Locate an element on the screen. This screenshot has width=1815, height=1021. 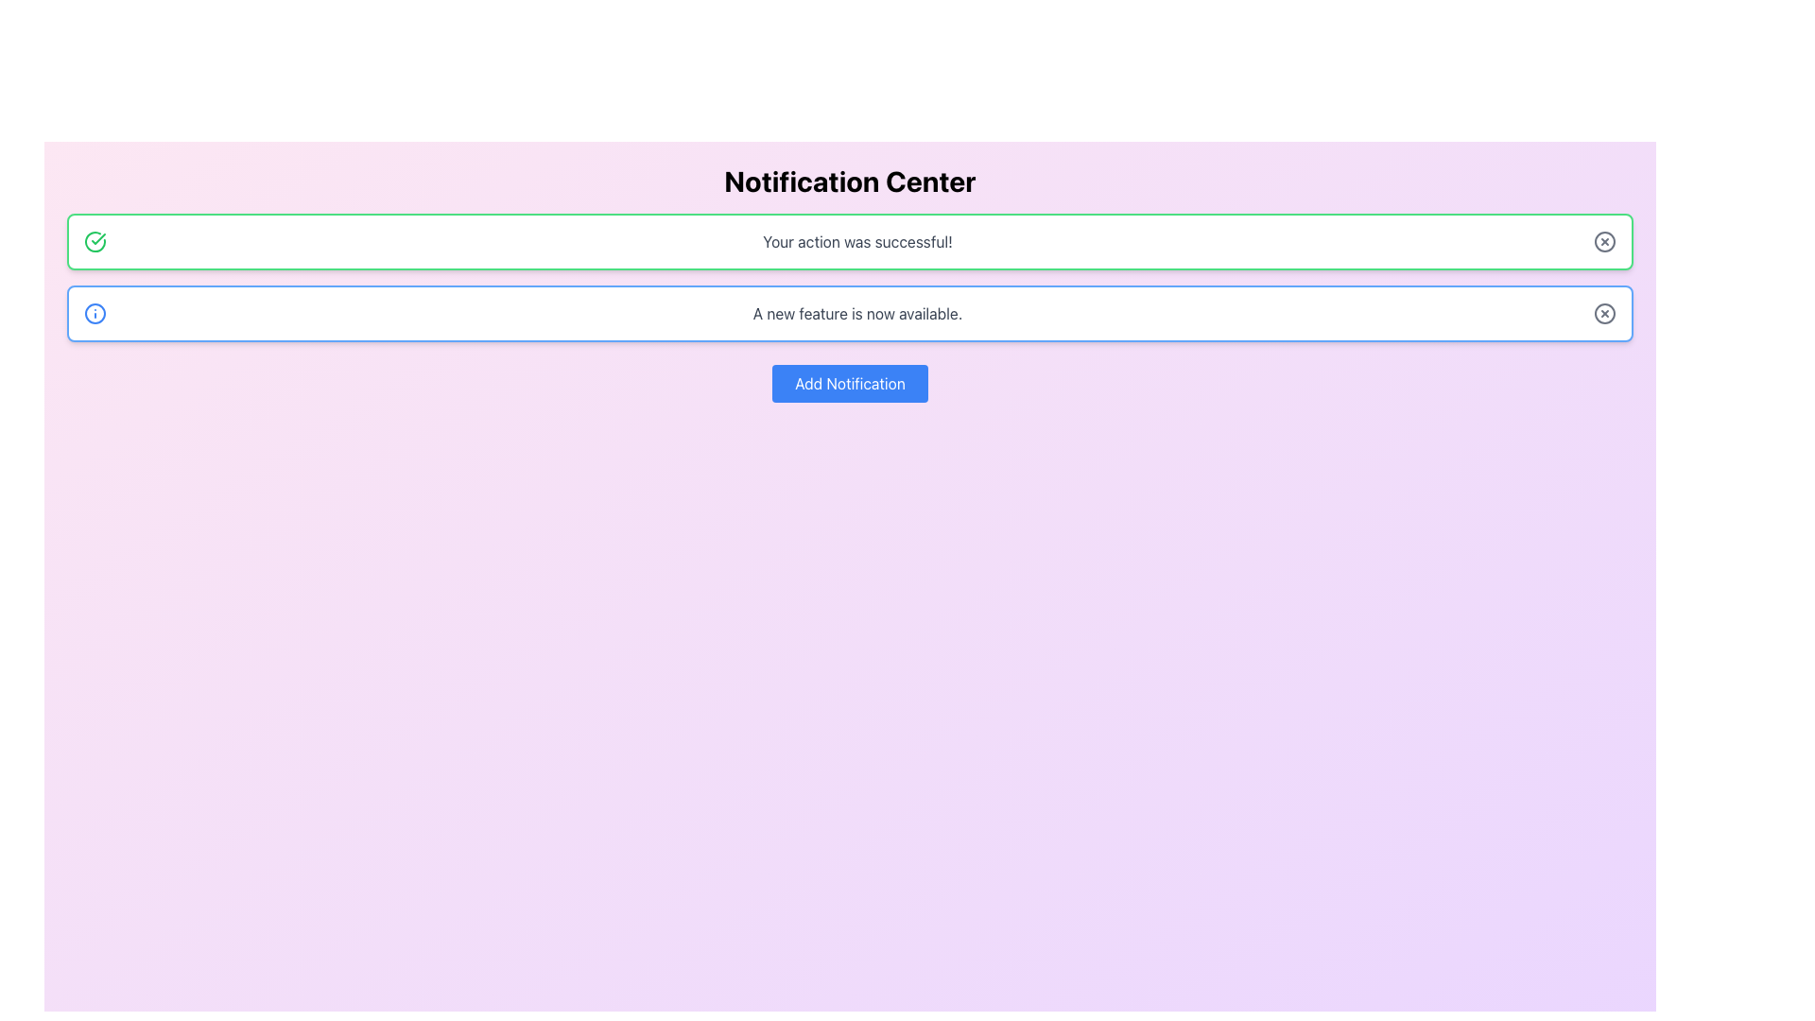
the circular graphical component element, which is a blue-bordered circle with a white center located to the left of the text 'A new feature is now available.' in the second notification bubble is located at coordinates (94, 312).